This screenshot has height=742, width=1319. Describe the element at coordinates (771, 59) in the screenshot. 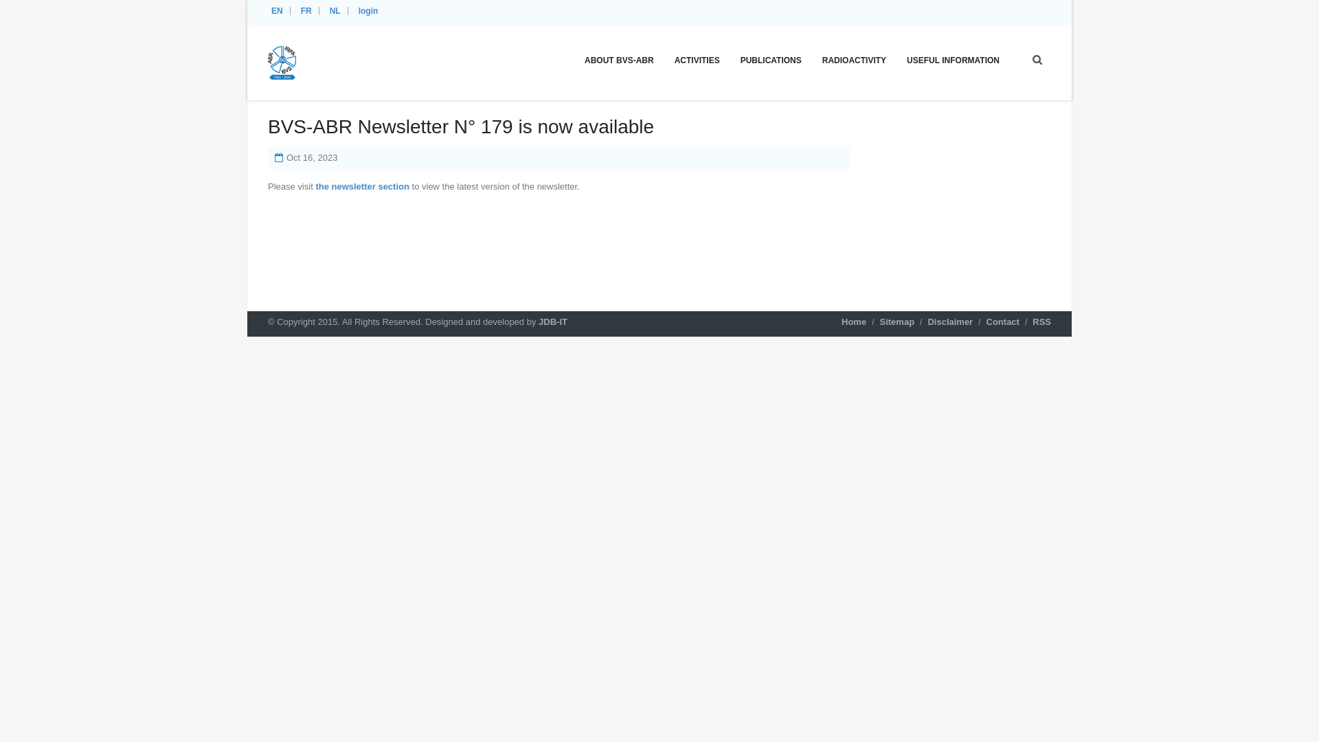

I see `'PUBLICATIONS'` at that location.